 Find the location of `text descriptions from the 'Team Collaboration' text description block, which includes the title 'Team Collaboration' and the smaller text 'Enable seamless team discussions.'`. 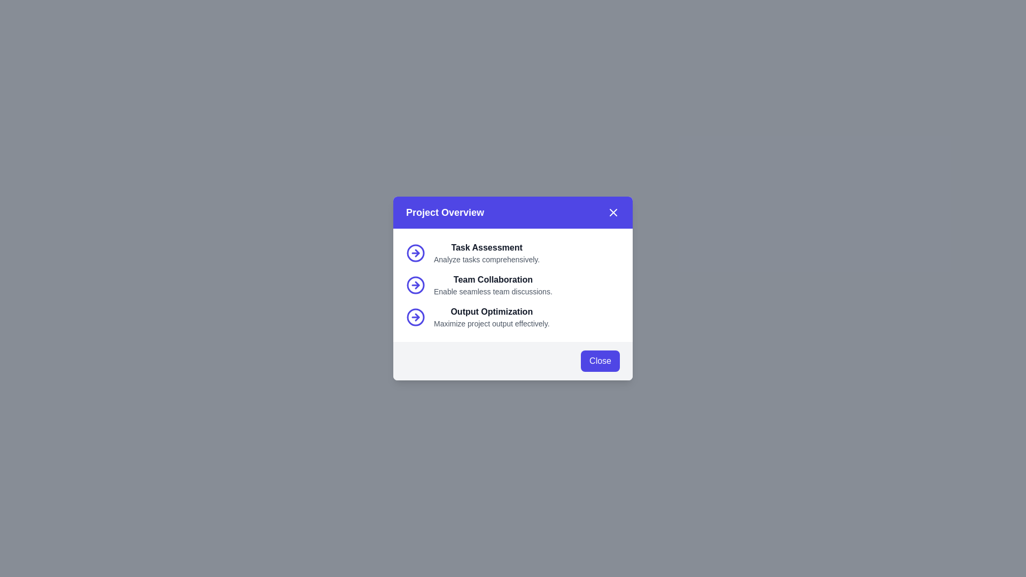

text descriptions from the 'Team Collaboration' text description block, which includes the title 'Team Collaboration' and the smaller text 'Enable seamless team discussions.' is located at coordinates (492, 284).